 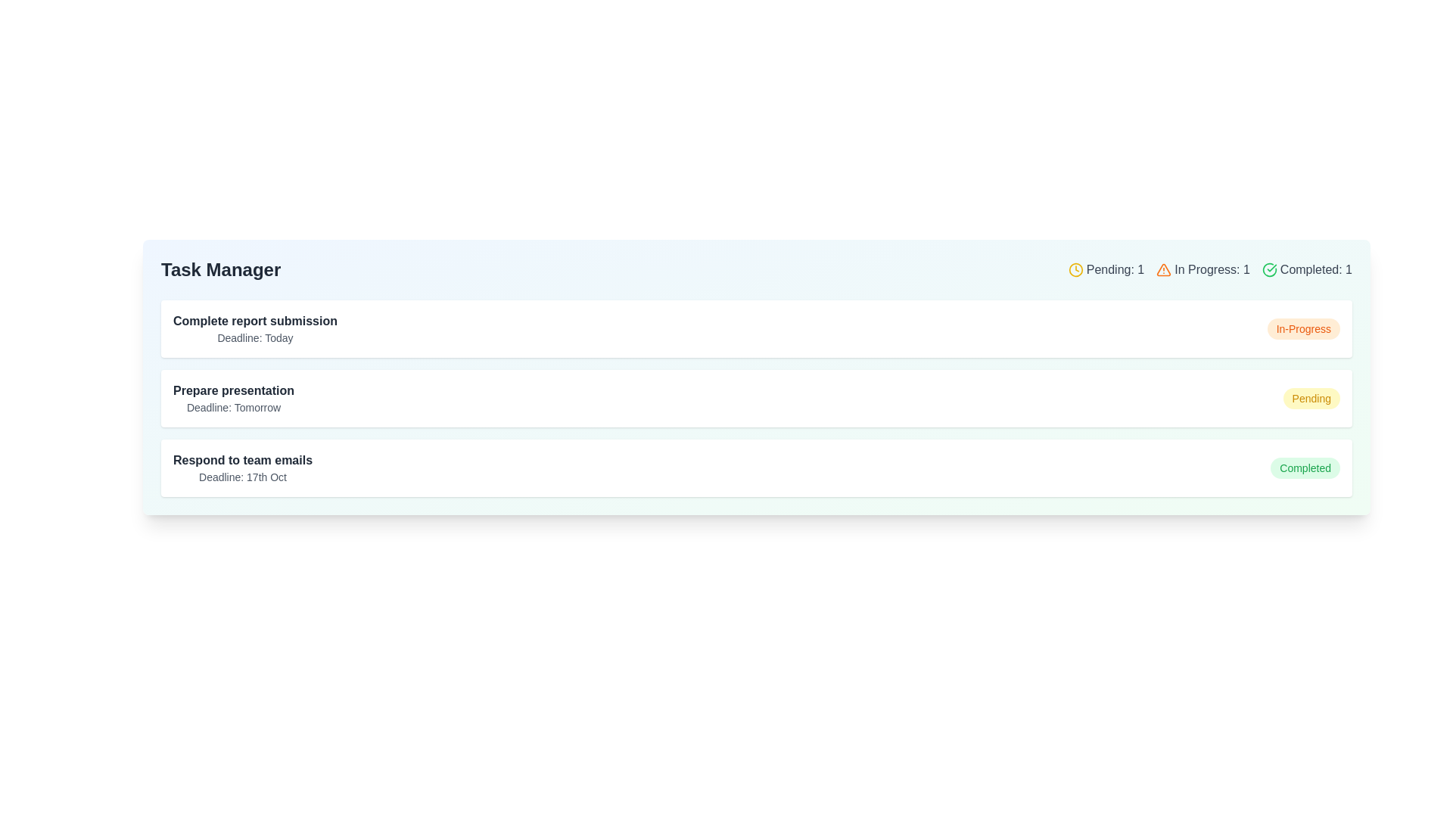 What do you see at coordinates (1106, 269) in the screenshot?
I see `text from the Status indicator displaying 'Pending: 1' with a yellow clock icon, located on the far left of the navigation section` at bounding box center [1106, 269].